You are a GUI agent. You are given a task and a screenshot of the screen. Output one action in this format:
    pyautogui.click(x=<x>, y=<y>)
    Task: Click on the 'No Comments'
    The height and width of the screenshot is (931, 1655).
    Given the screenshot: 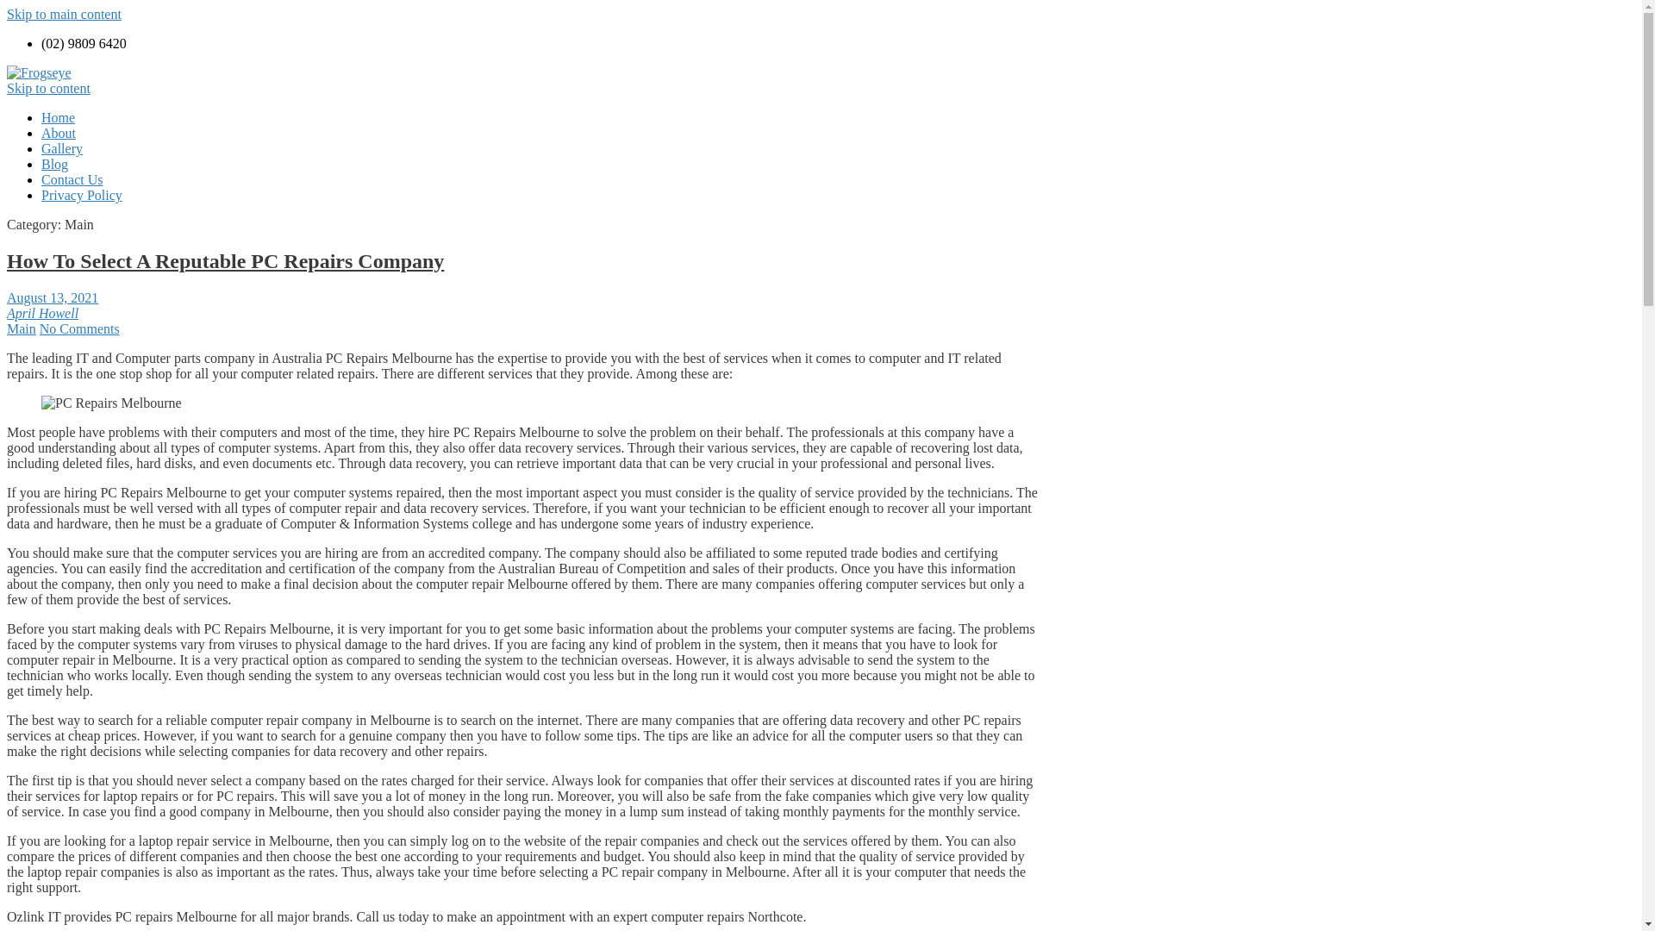 What is the action you would take?
    pyautogui.click(x=78, y=328)
    